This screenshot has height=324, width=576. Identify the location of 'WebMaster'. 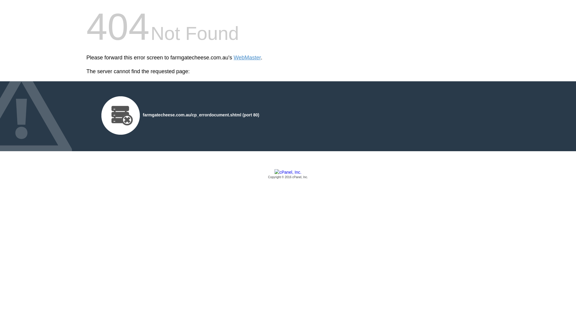
(247, 58).